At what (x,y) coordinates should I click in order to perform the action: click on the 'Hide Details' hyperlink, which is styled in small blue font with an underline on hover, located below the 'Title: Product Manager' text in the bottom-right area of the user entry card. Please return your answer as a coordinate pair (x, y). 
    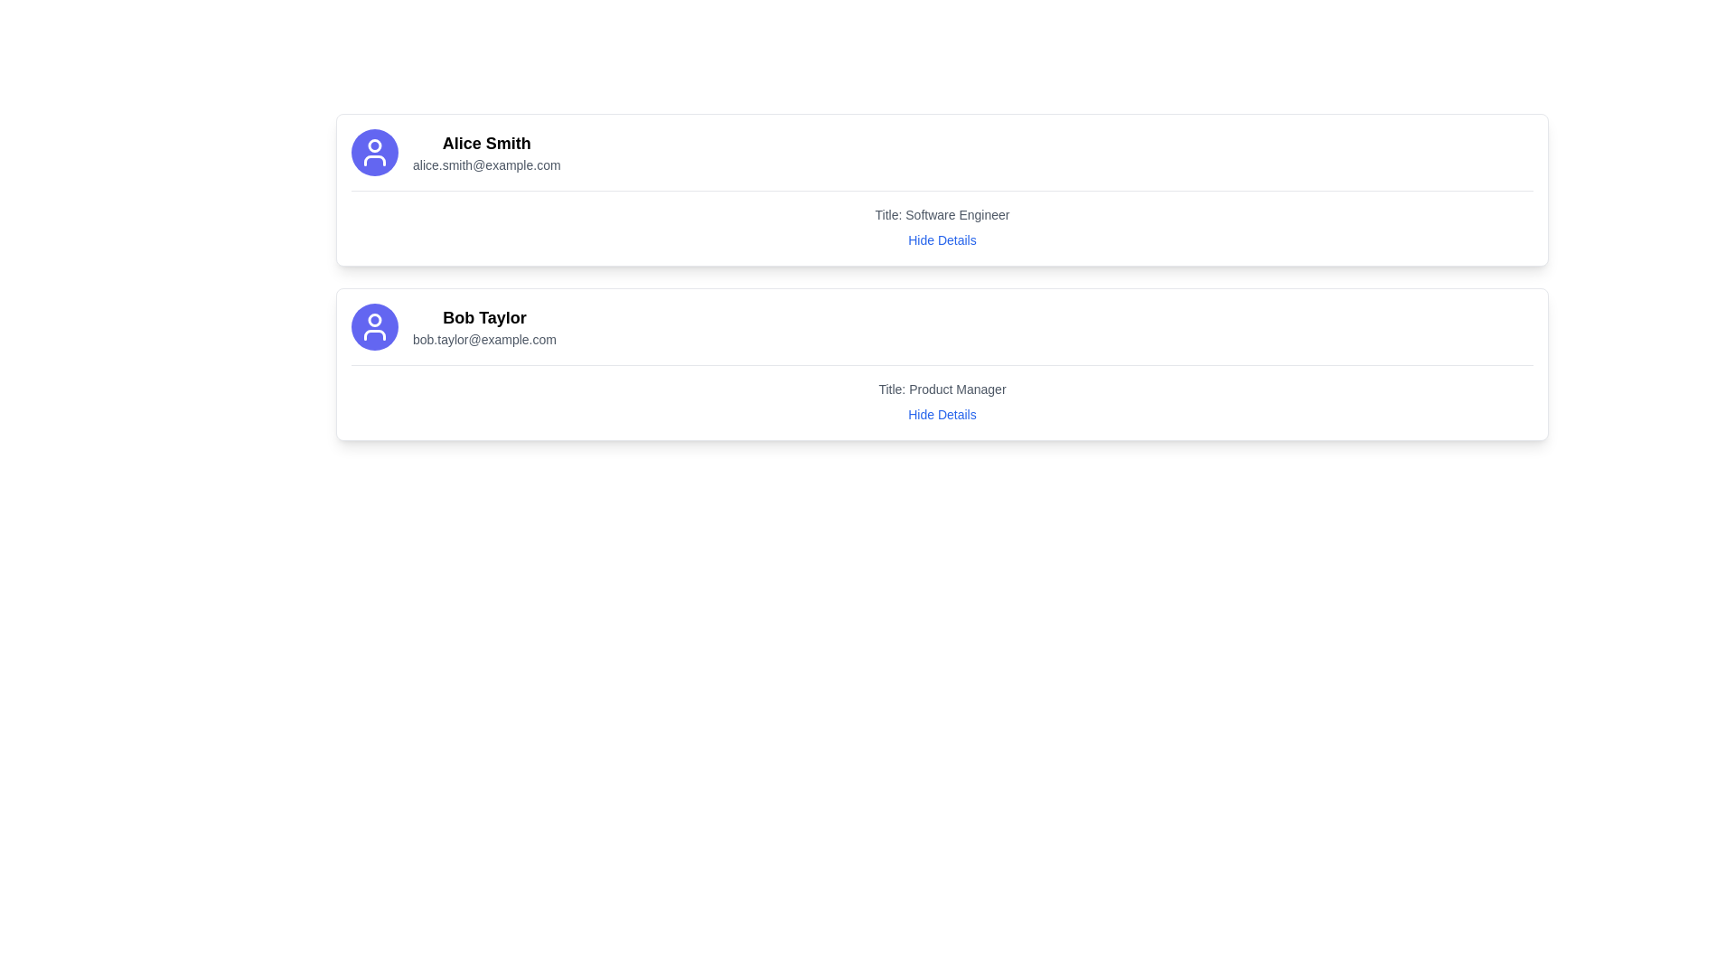
    Looking at the image, I should click on (941, 415).